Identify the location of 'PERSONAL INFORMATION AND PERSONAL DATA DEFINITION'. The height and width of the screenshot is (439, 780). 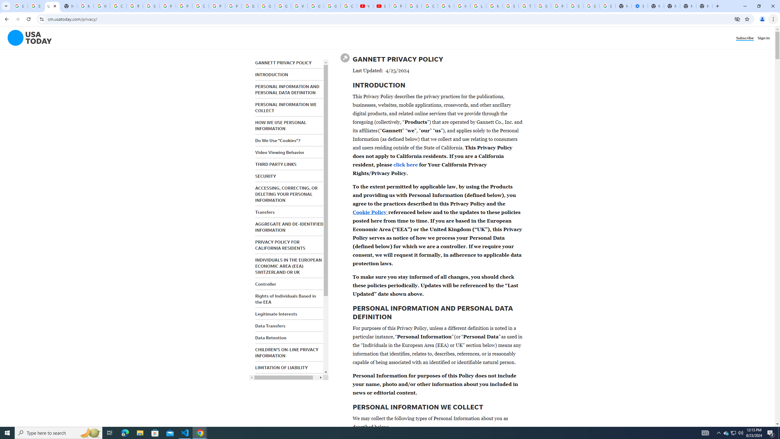
(287, 89).